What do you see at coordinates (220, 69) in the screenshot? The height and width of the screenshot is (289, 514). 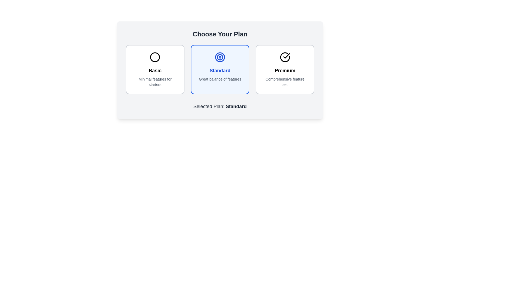 I see `the Grid Layout containing selectable cards for the plans: Basic, Standard, or Premium` at bounding box center [220, 69].